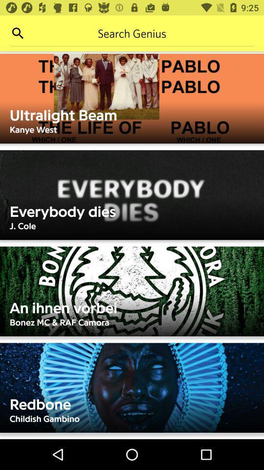 The height and width of the screenshot is (470, 264). What do you see at coordinates (18, 33) in the screenshot?
I see `search option` at bounding box center [18, 33].